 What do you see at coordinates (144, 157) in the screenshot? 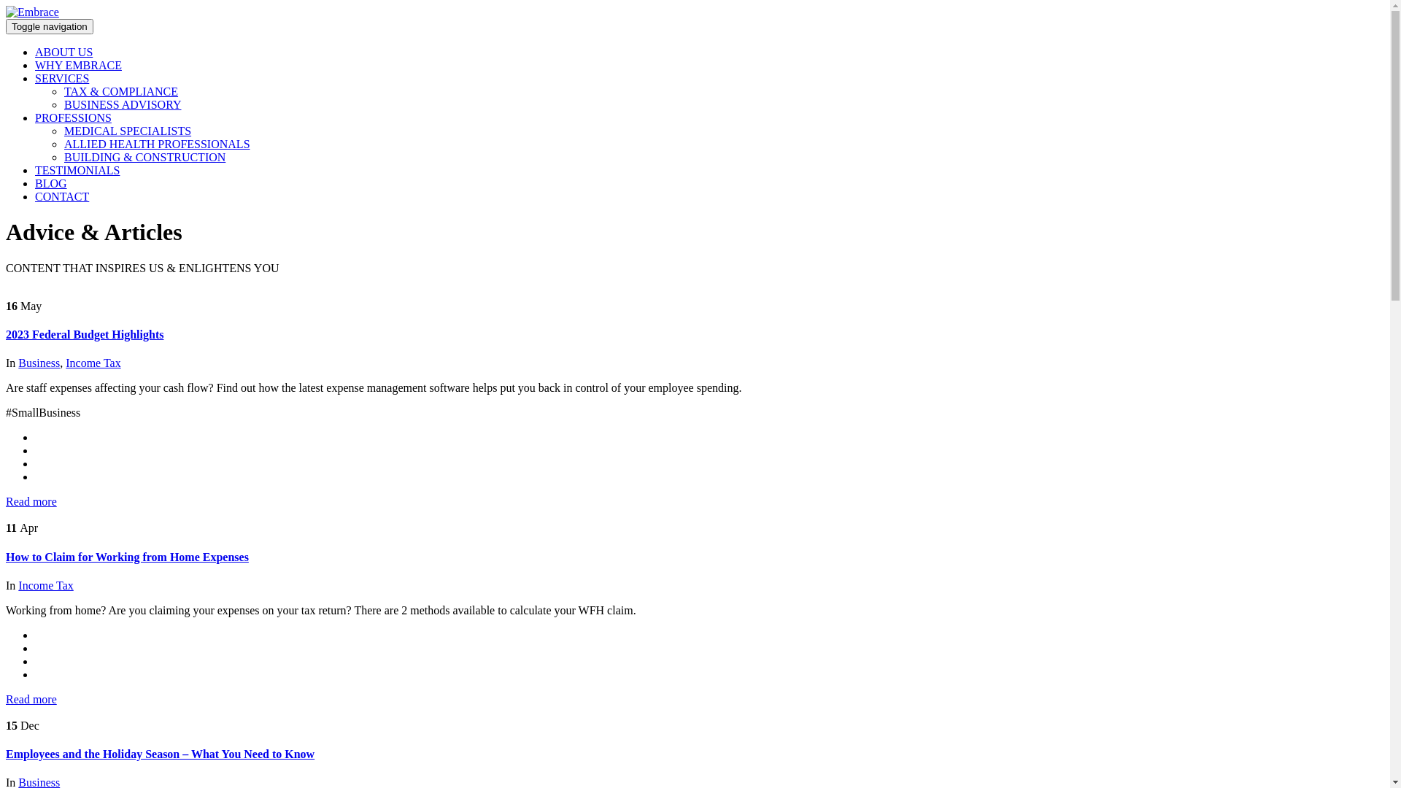
I see `'BUILDING & CONSTRUCTION'` at bounding box center [144, 157].